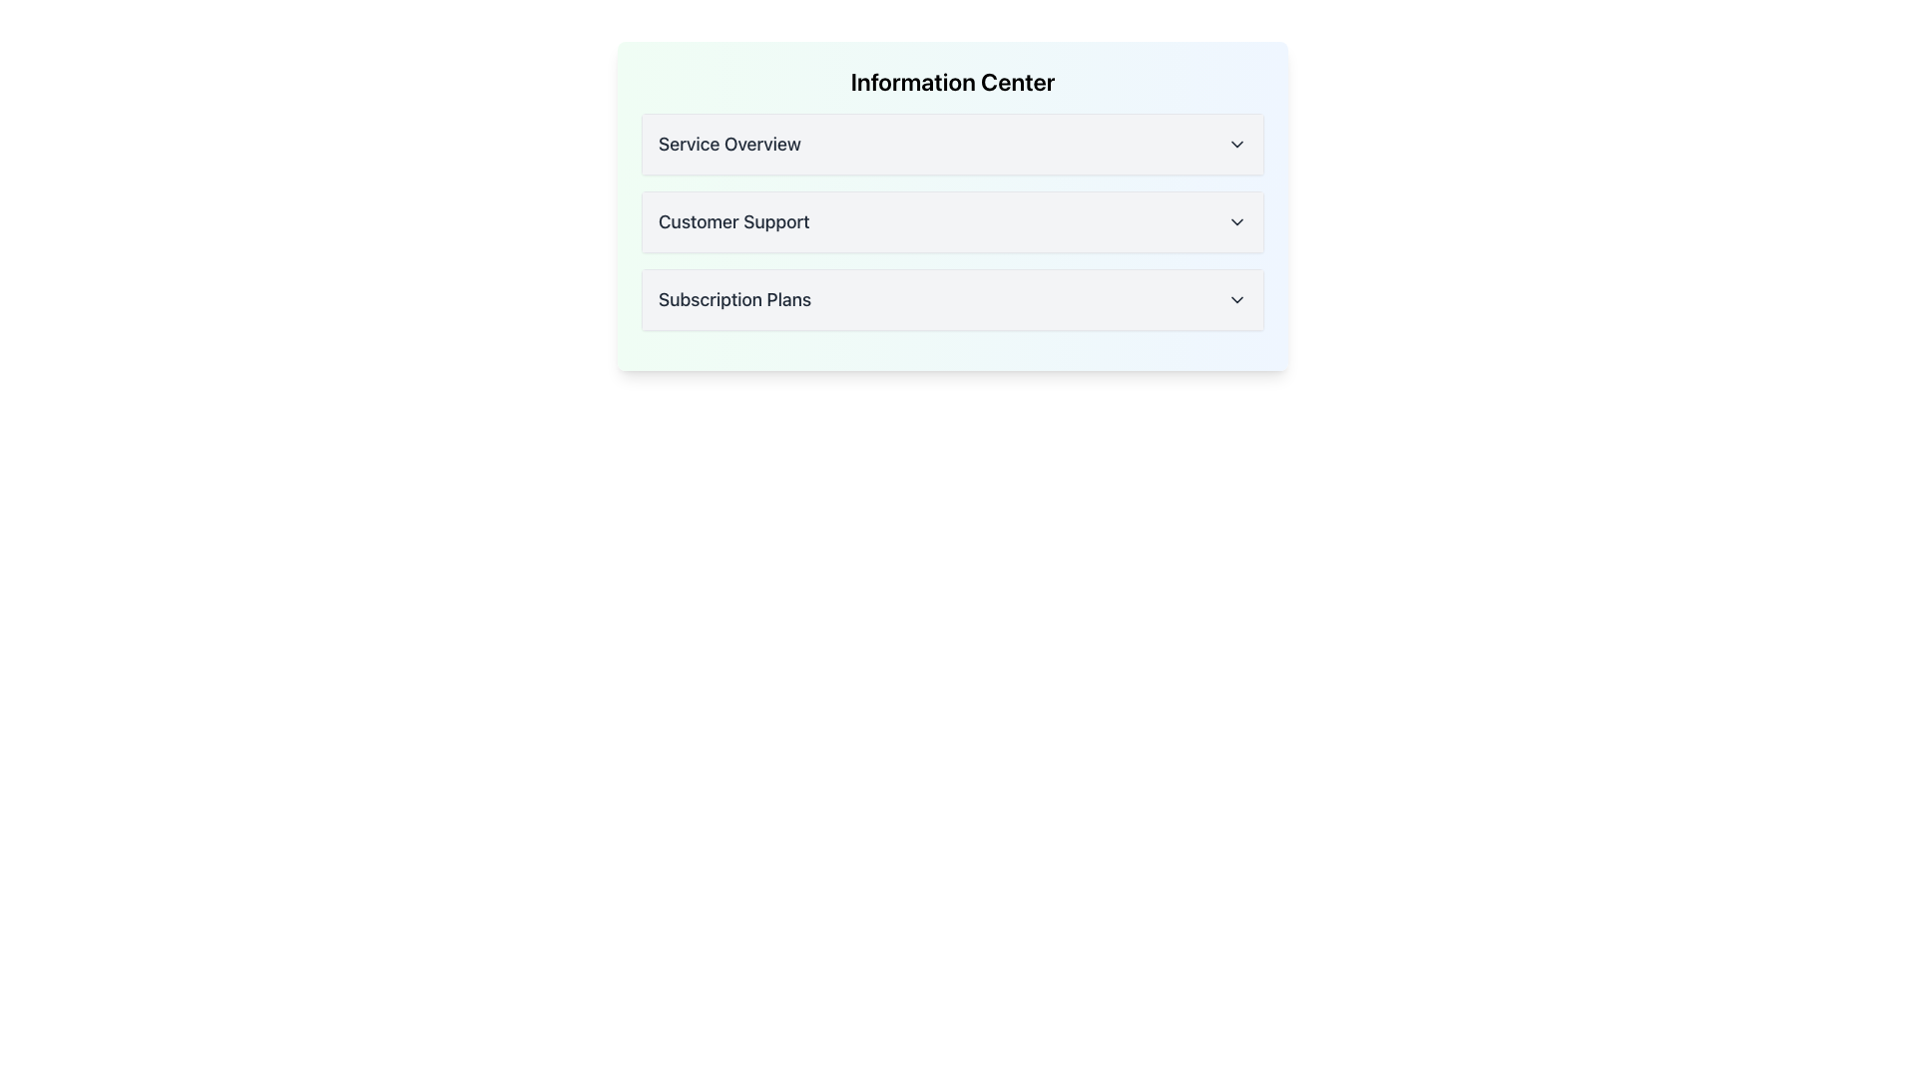 The width and height of the screenshot is (1916, 1077). I want to click on the collapsible list item for 'Customer Support' located in the 'Information Center' section, so click(952, 206).